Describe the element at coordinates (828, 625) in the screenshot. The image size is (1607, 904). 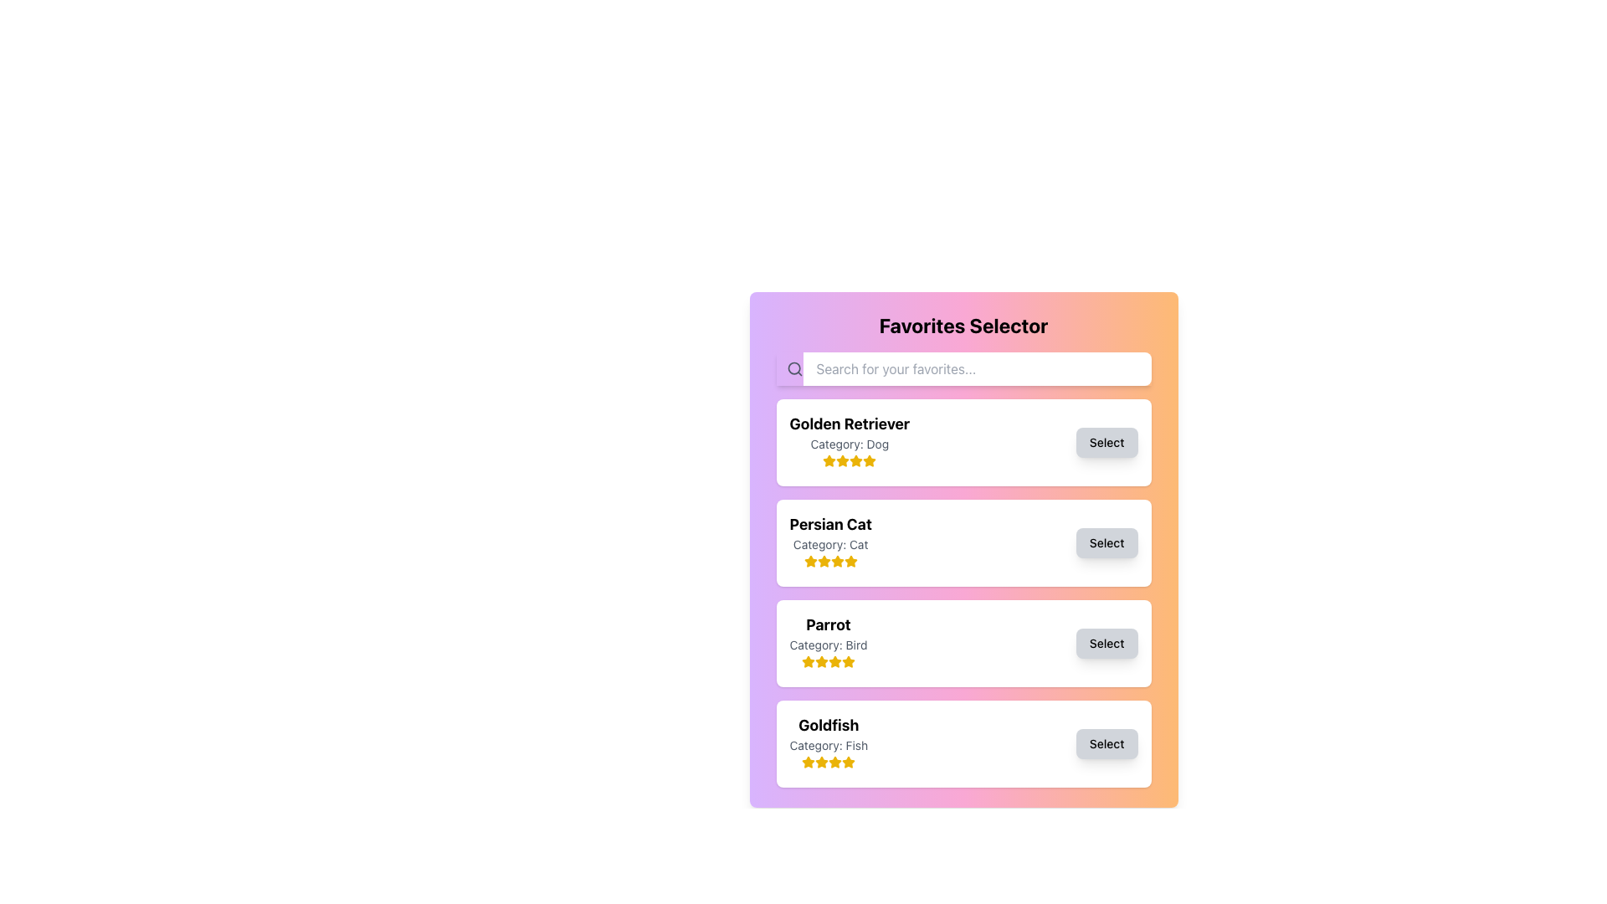
I see `the bold label text element displaying 'Parrot', which is centrally located in the third item of the Favorites Selector list above the 'Category: Bird' text` at that location.